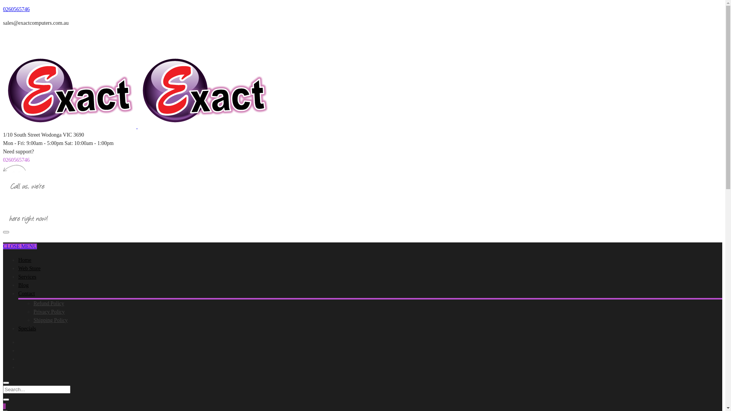  What do you see at coordinates (20, 246) in the screenshot?
I see `'CLOSE MENU'` at bounding box center [20, 246].